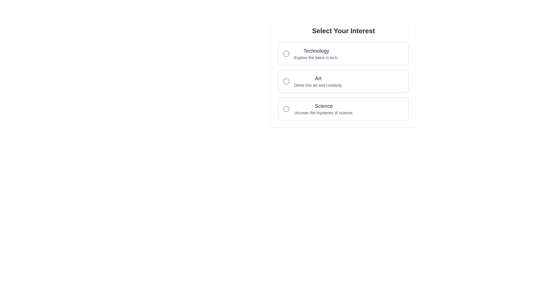 The height and width of the screenshot is (304, 541). Describe the element at coordinates (286, 54) in the screenshot. I see `the radio button indicator for the 'Technology' option in the 'Select Your Interest' section to interact` at that location.